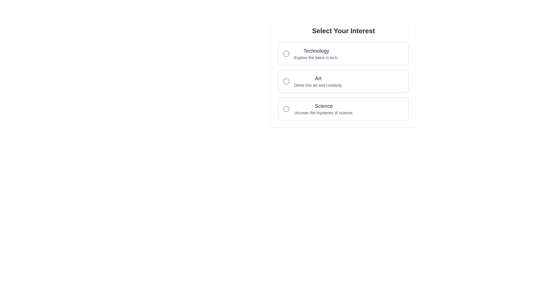 The height and width of the screenshot is (304, 541). Describe the element at coordinates (286, 54) in the screenshot. I see `the radio button indicator for the 'Technology' option in the 'Select Your Interest' section to interact` at that location.